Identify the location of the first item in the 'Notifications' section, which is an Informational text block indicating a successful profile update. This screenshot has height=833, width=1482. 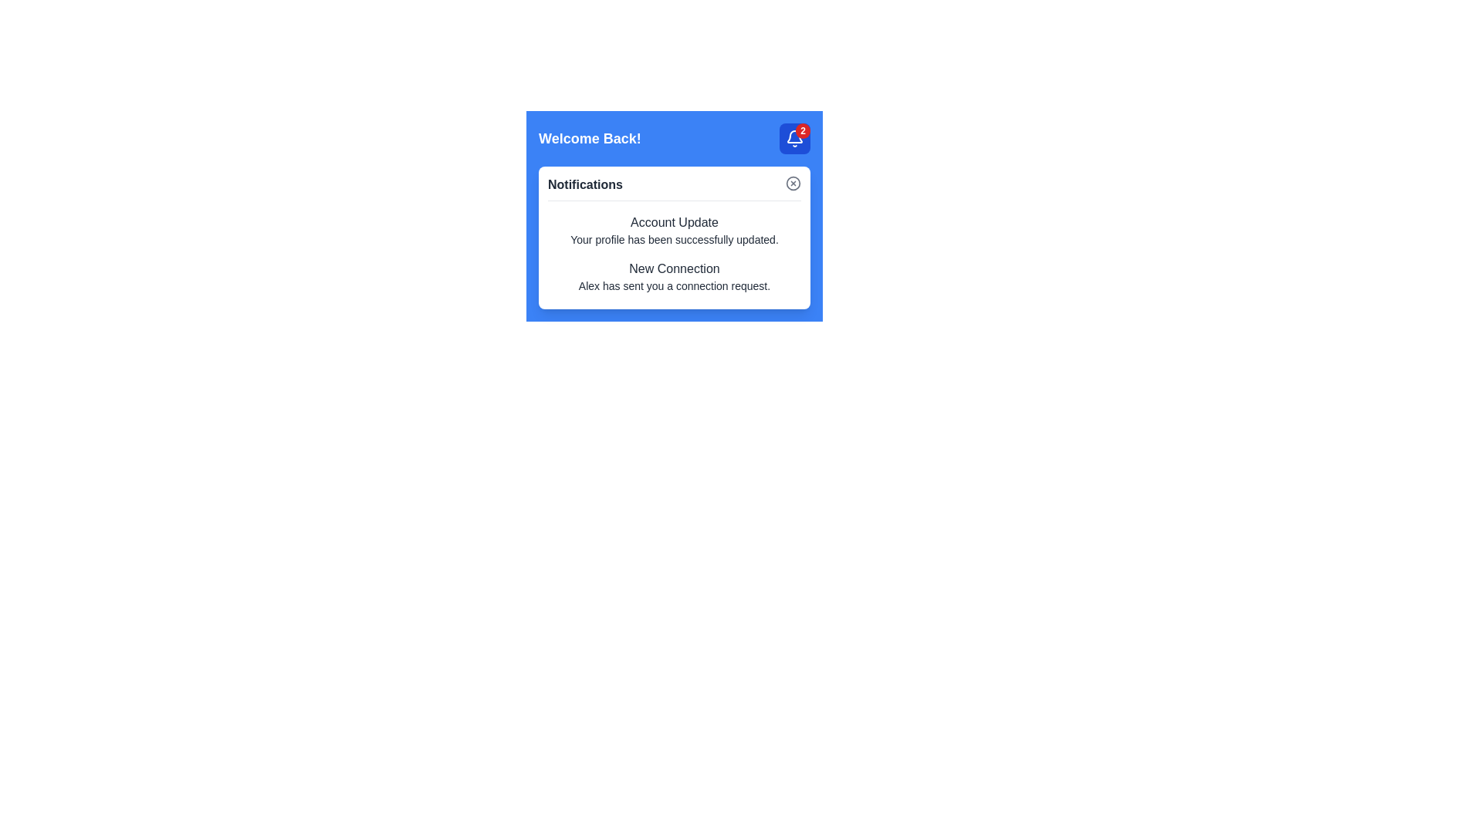
(674, 231).